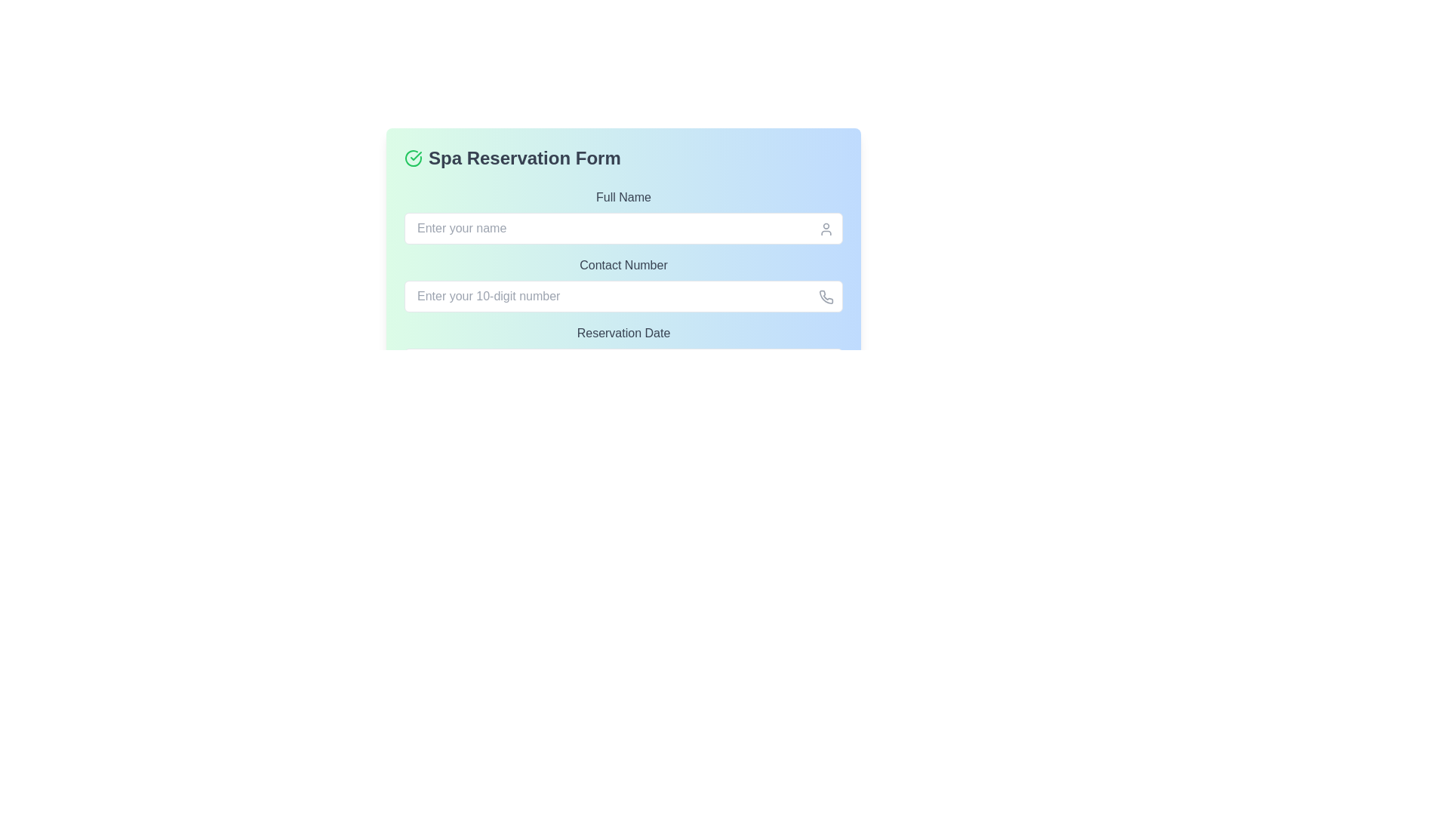 The height and width of the screenshot is (815, 1449). Describe the element at coordinates (623, 352) in the screenshot. I see `the reservation date label located beneath the 'Contact Number' field within the 'Spa Reservation Form', positioned directly above the 'Make Reservation' button` at that location.